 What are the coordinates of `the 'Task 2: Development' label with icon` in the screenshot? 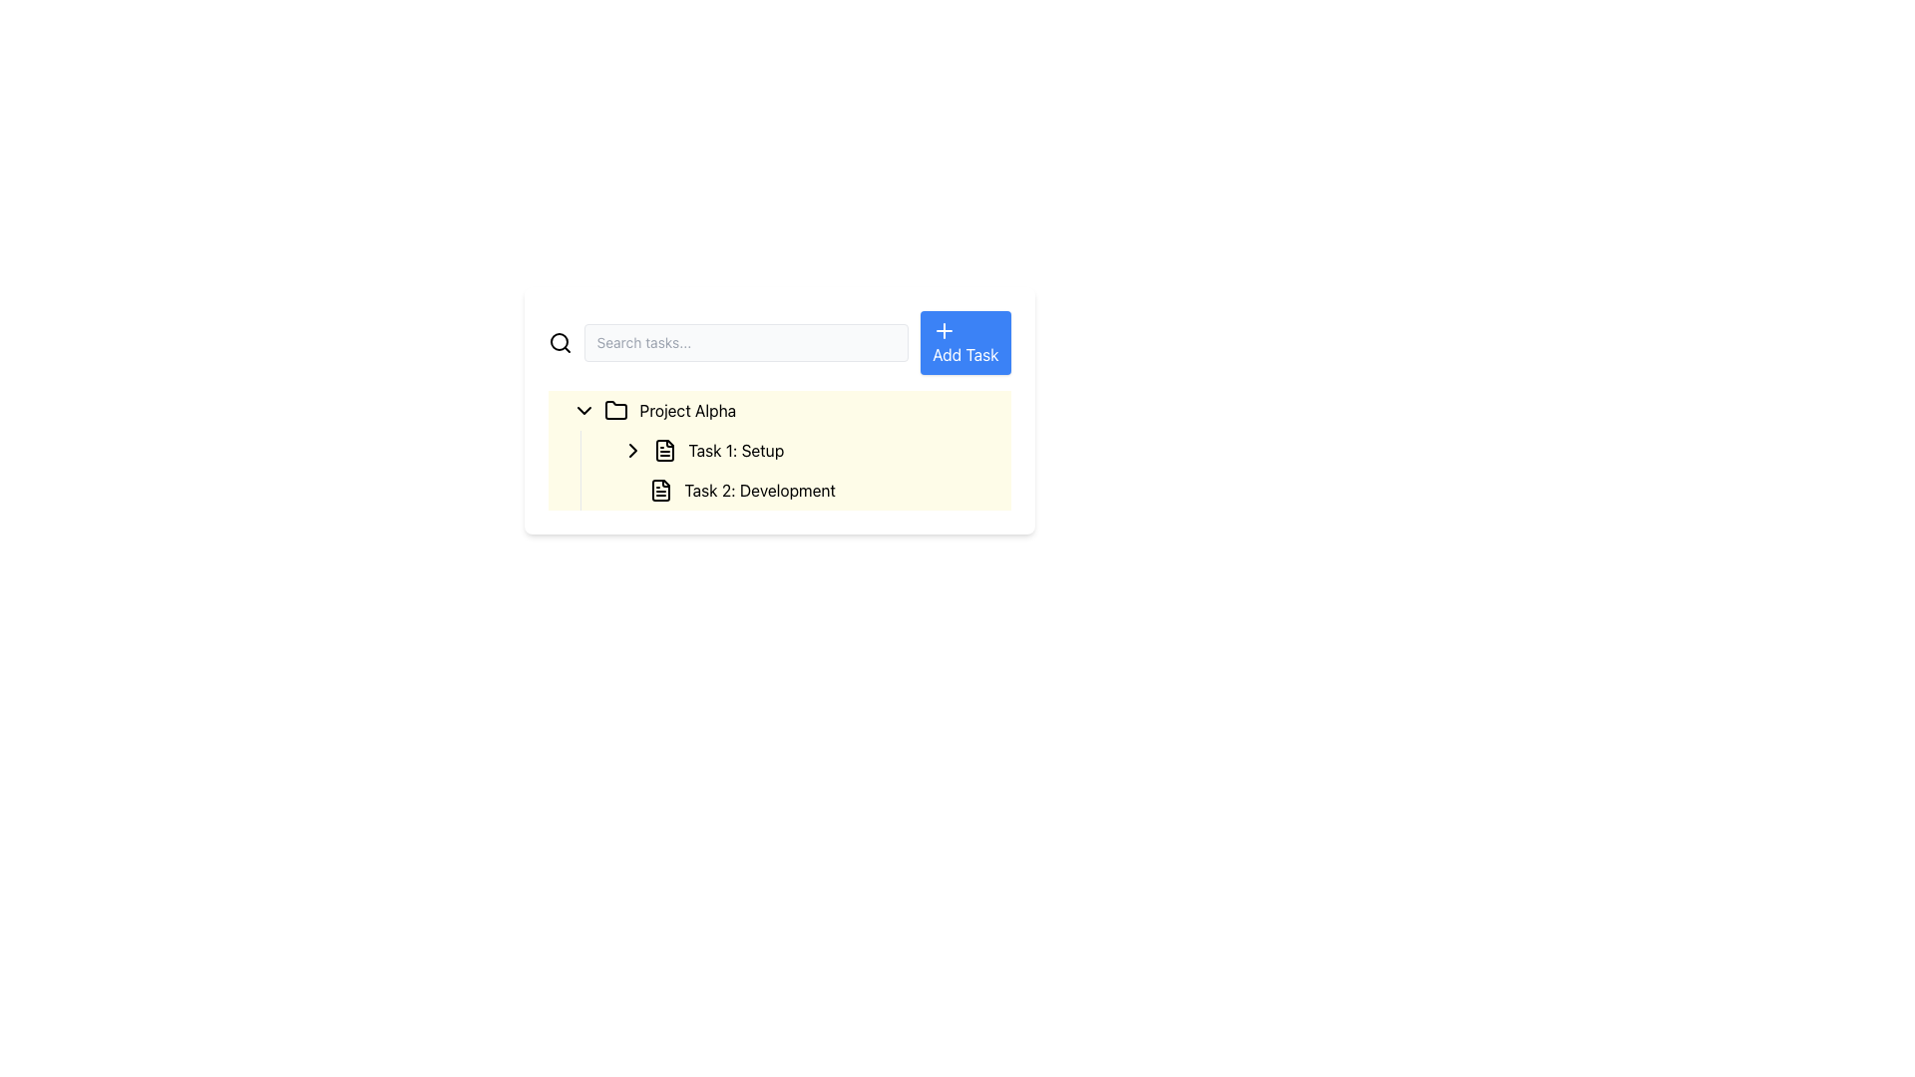 It's located at (812, 491).